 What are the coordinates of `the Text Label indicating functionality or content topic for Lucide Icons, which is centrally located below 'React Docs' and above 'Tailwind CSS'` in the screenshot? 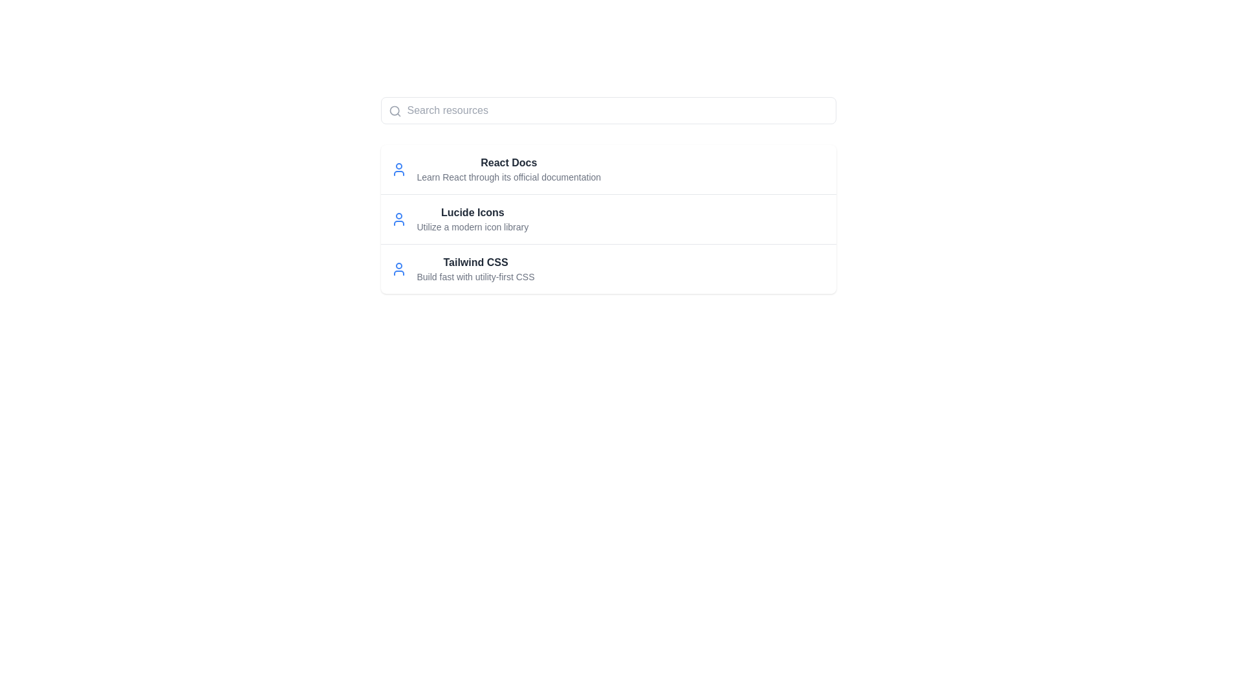 It's located at (472, 212).